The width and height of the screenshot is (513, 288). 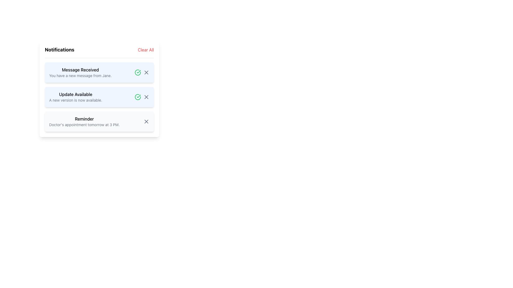 What do you see at coordinates (75, 94) in the screenshot?
I see `the static text label that reads 'Update Available', which is located at the top of the second notification card in a vertical list of notifications` at bounding box center [75, 94].